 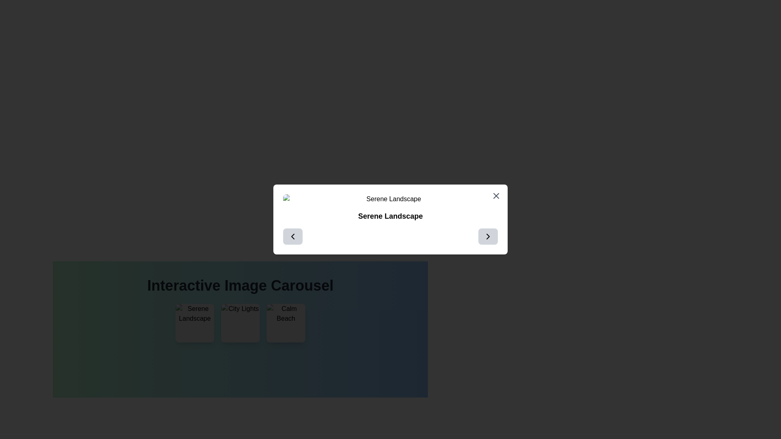 I want to click on the close button located in the top-right corner of the modal dialog, so click(x=495, y=196).